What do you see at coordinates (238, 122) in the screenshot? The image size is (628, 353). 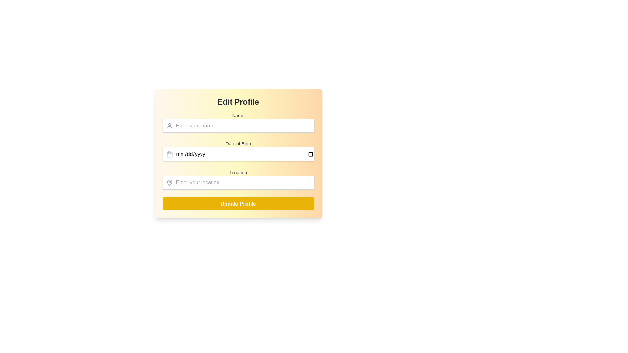 I see `the 'Name' text input field located under the 'Edit Profile' title to place the cursor inside it` at bounding box center [238, 122].